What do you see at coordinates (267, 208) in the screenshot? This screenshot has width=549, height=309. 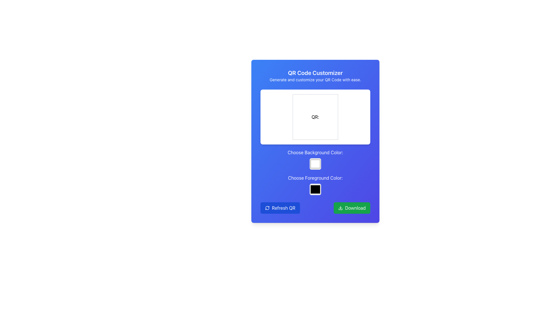 I see `the circular refresh icon located inside the 'Refresh QR' button with a blue background and white text to initiate the refresh action` at bounding box center [267, 208].